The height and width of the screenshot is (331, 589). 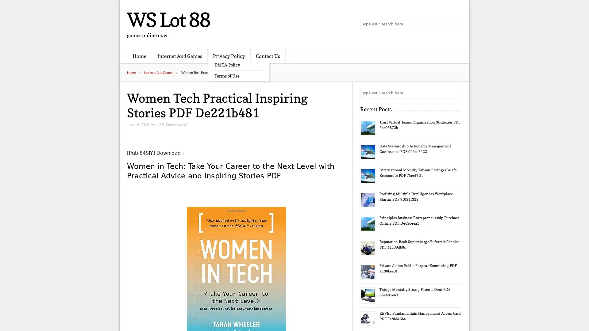 I want to click on Search, so click(x=456, y=93).